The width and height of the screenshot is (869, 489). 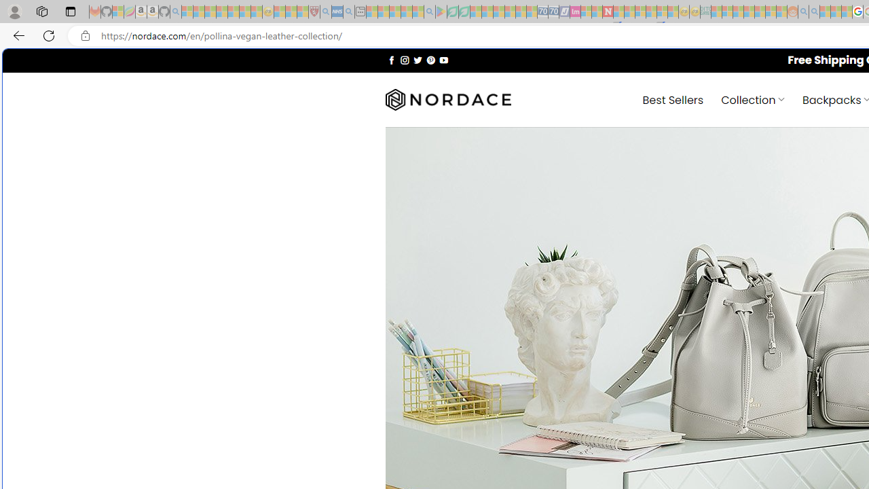 What do you see at coordinates (760, 12) in the screenshot?
I see `'Kinda Frugal - MSN - Sleeping'` at bounding box center [760, 12].